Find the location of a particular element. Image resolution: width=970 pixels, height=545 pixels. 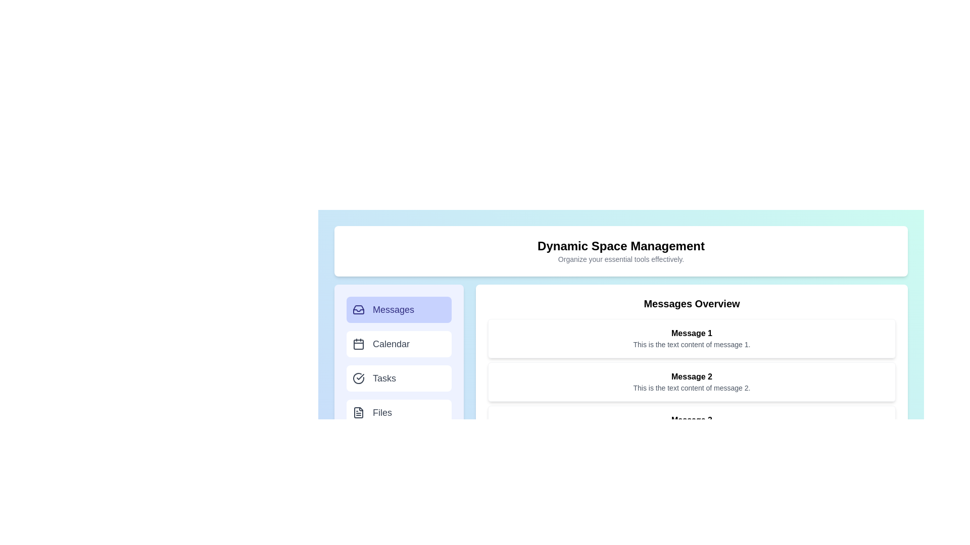

the circular icon with a checkmark in the center, located in the navigation sidebar under the 'Tasks' list item is located at coordinates (359, 378).